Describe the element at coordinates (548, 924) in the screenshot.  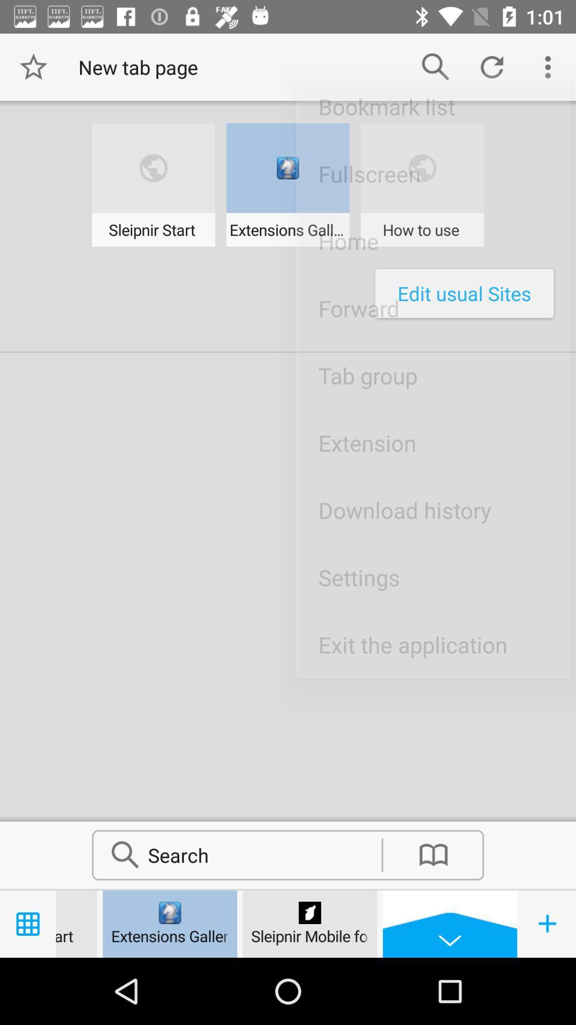
I see `the add icon` at that location.